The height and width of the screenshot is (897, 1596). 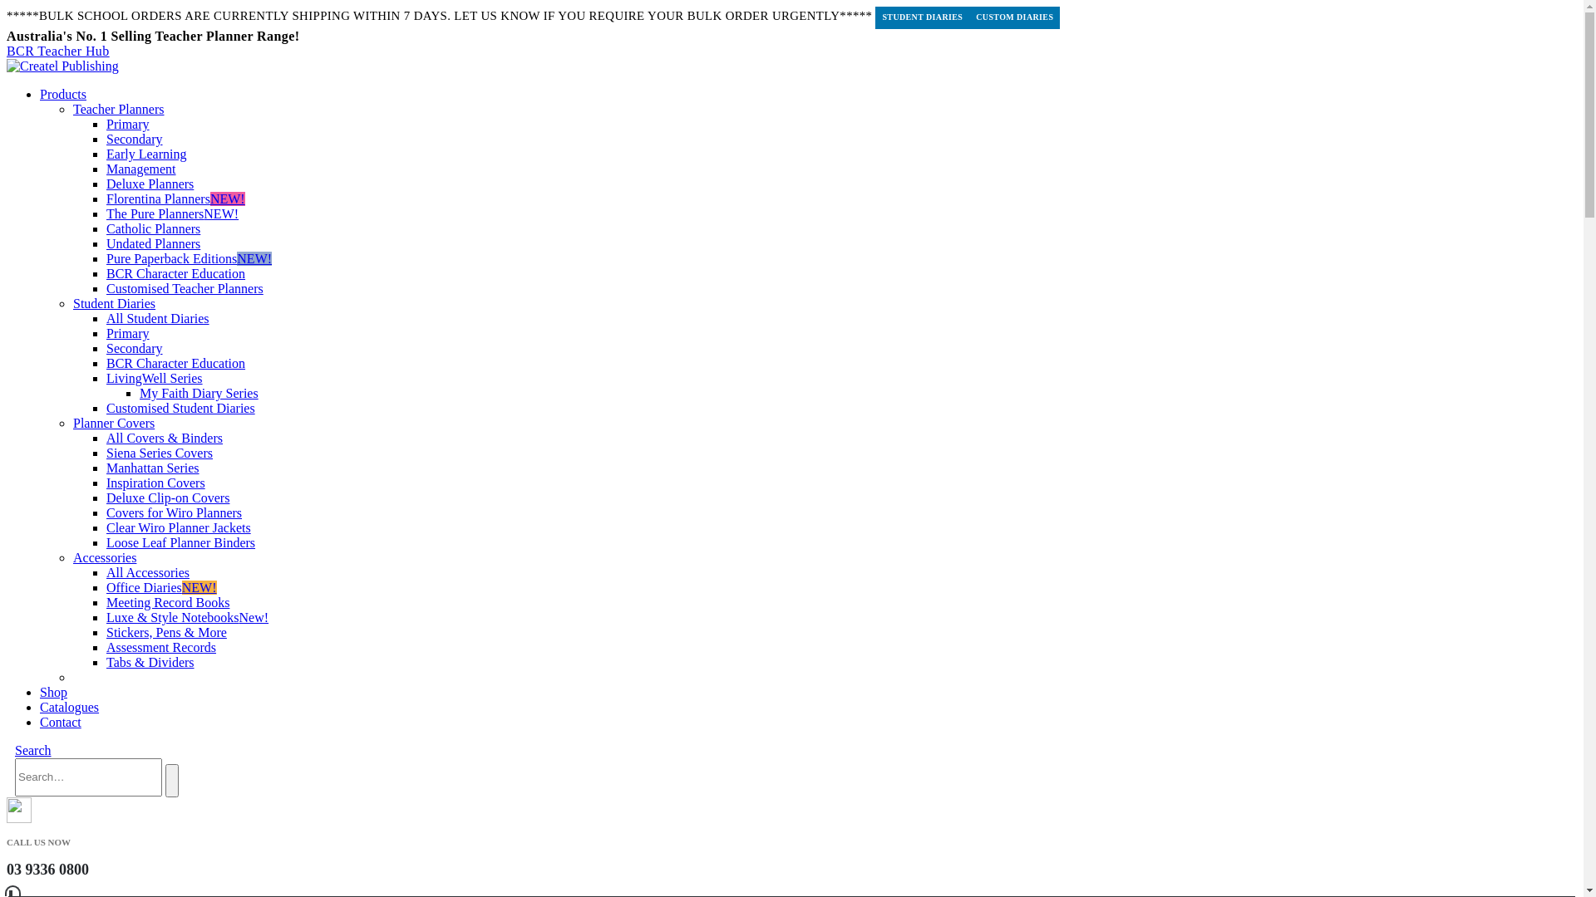 I want to click on 'Search', so click(x=15, y=750).